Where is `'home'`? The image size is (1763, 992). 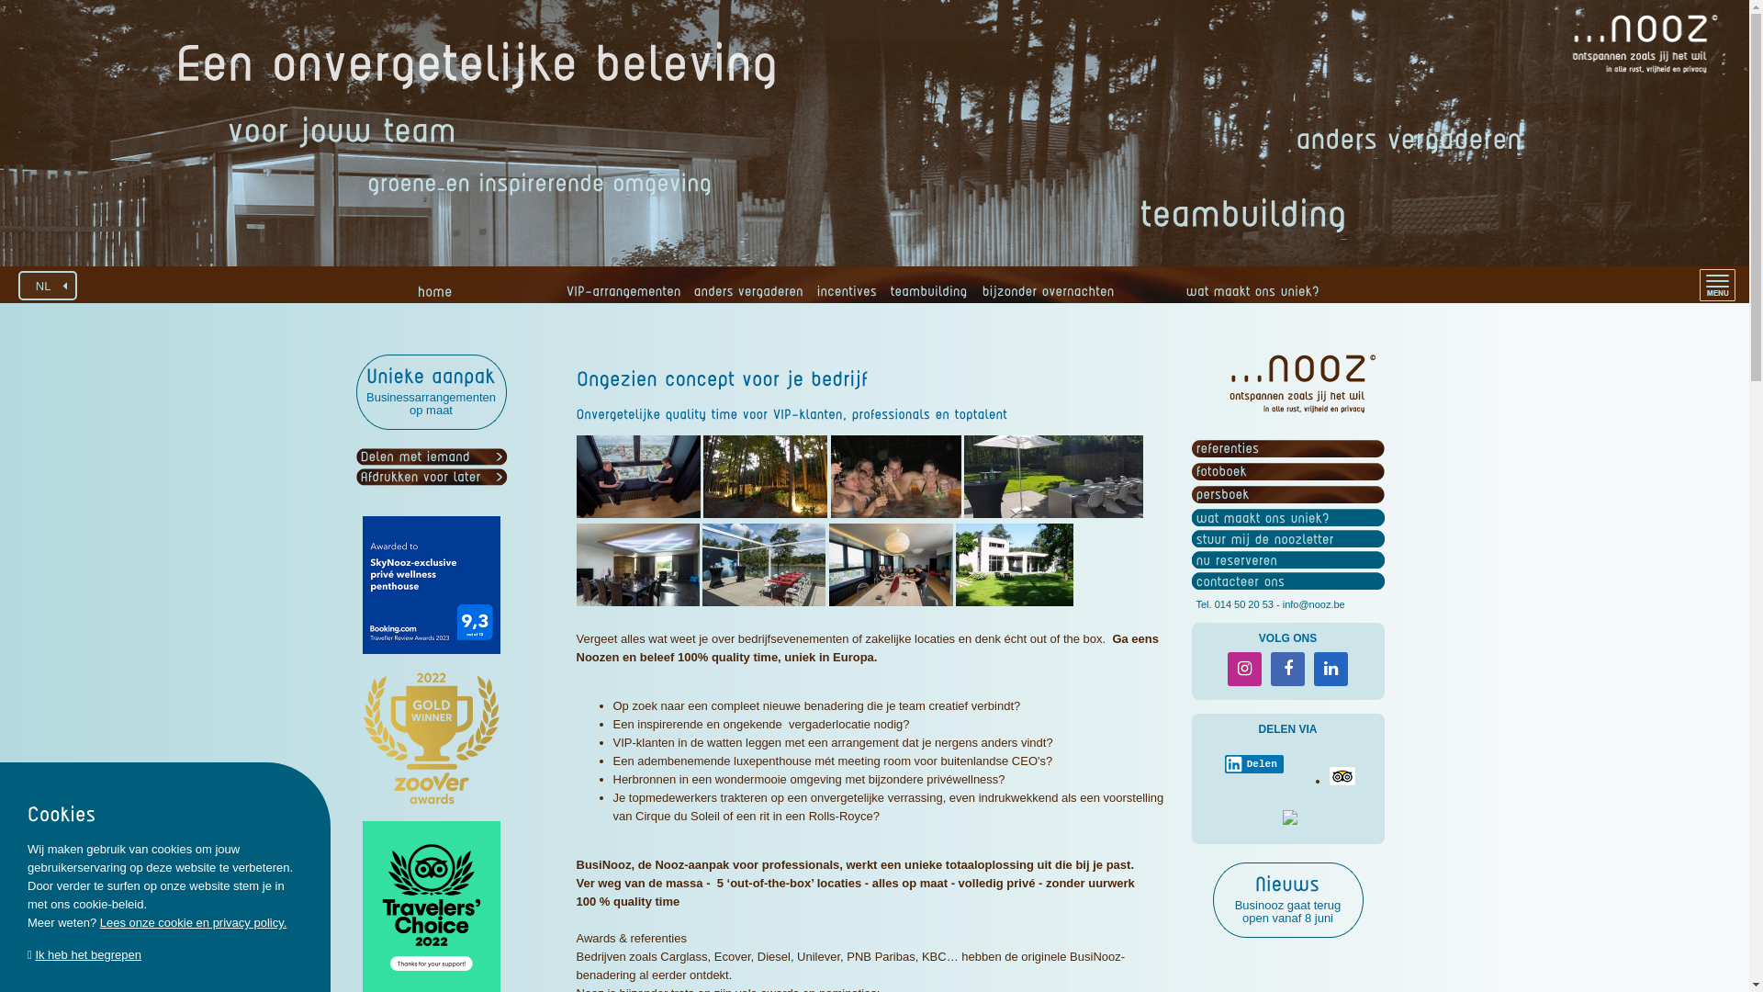 'home' is located at coordinates (433, 289).